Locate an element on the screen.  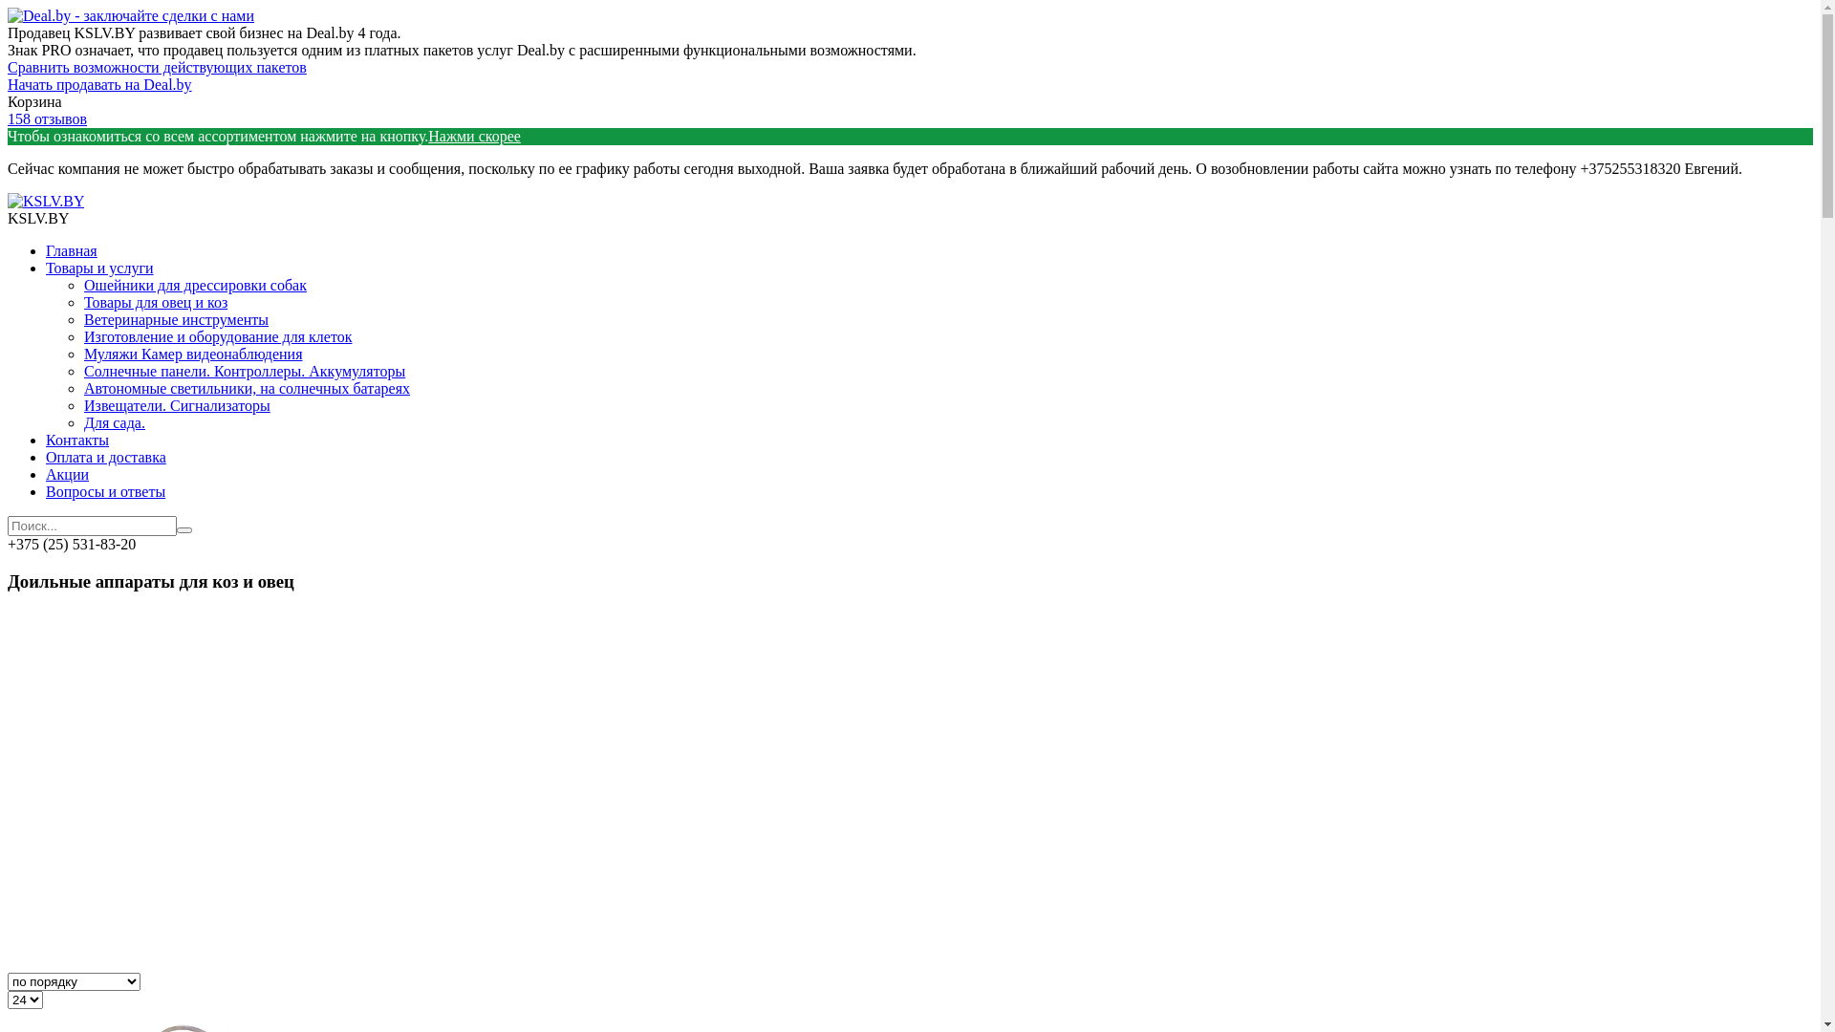
'KSLV.BY' is located at coordinates (46, 201).